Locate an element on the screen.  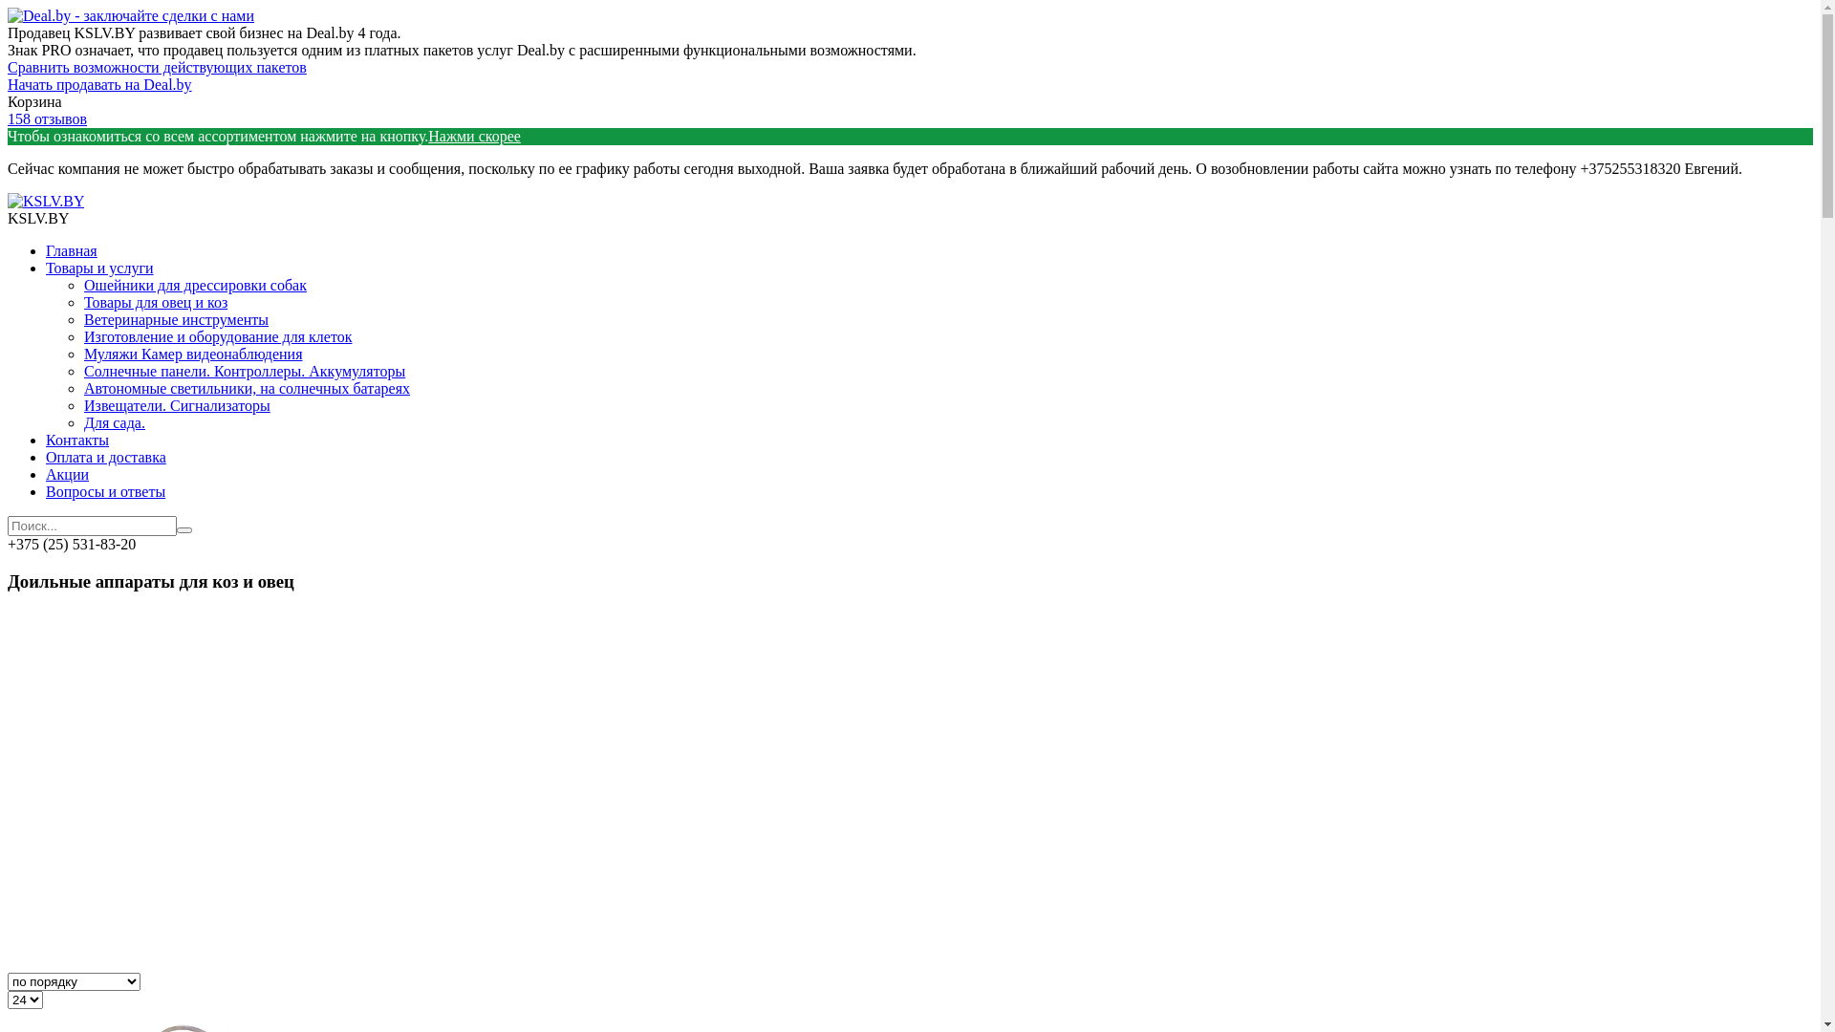
'KSLV.BY' is located at coordinates (46, 201).